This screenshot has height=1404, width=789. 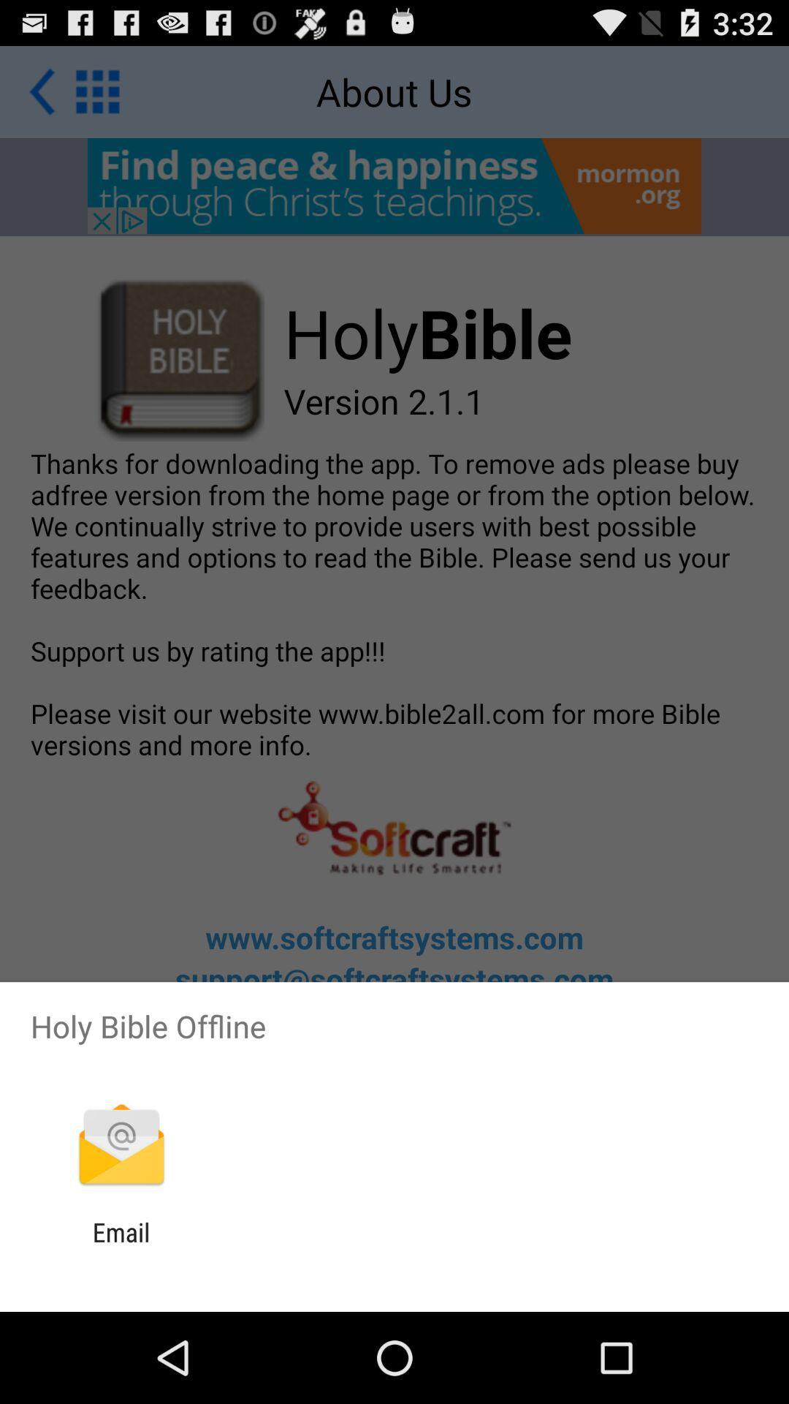 I want to click on the item above the email app, so click(x=121, y=1146).